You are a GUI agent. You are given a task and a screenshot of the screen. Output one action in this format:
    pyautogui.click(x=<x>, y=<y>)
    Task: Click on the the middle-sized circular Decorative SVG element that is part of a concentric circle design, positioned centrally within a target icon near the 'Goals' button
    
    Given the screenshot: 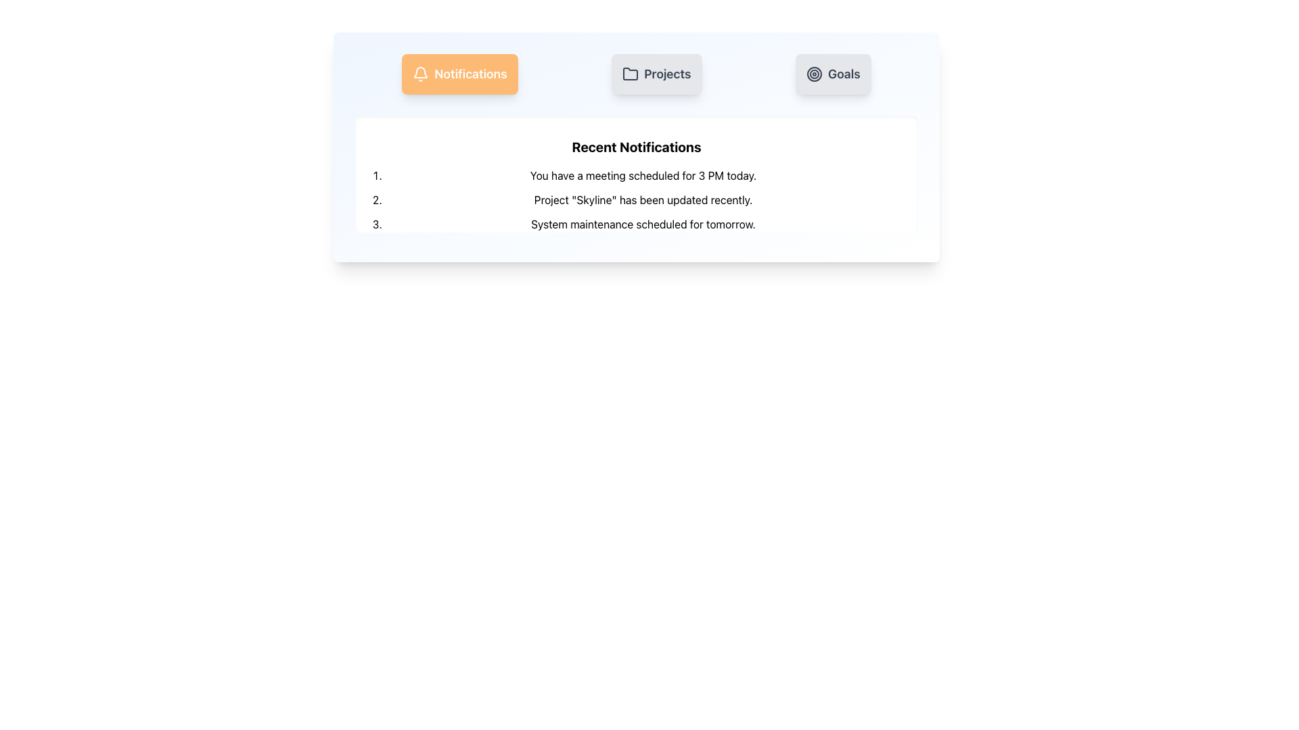 What is the action you would take?
    pyautogui.click(x=814, y=74)
    